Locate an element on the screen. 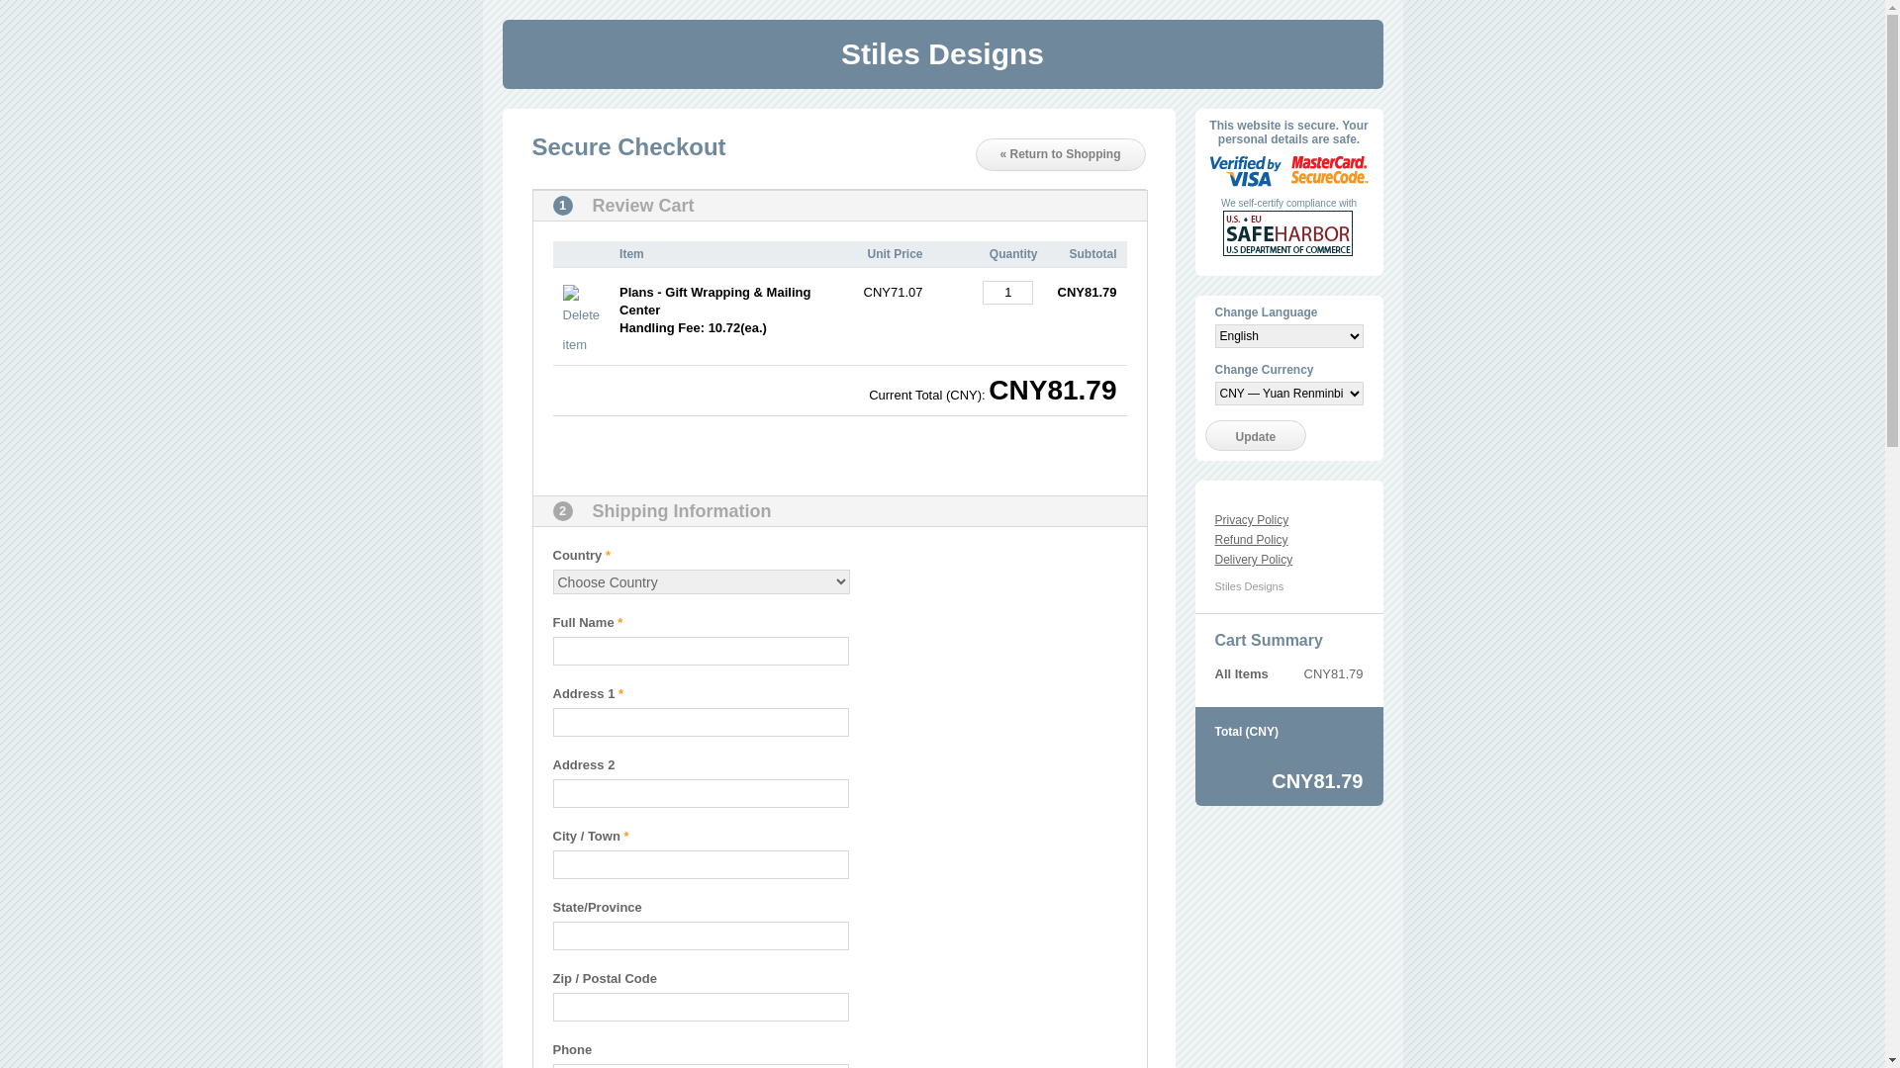 The height and width of the screenshot is (1068, 1900). 'We self-certify compliance with' is located at coordinates (1288, 203).